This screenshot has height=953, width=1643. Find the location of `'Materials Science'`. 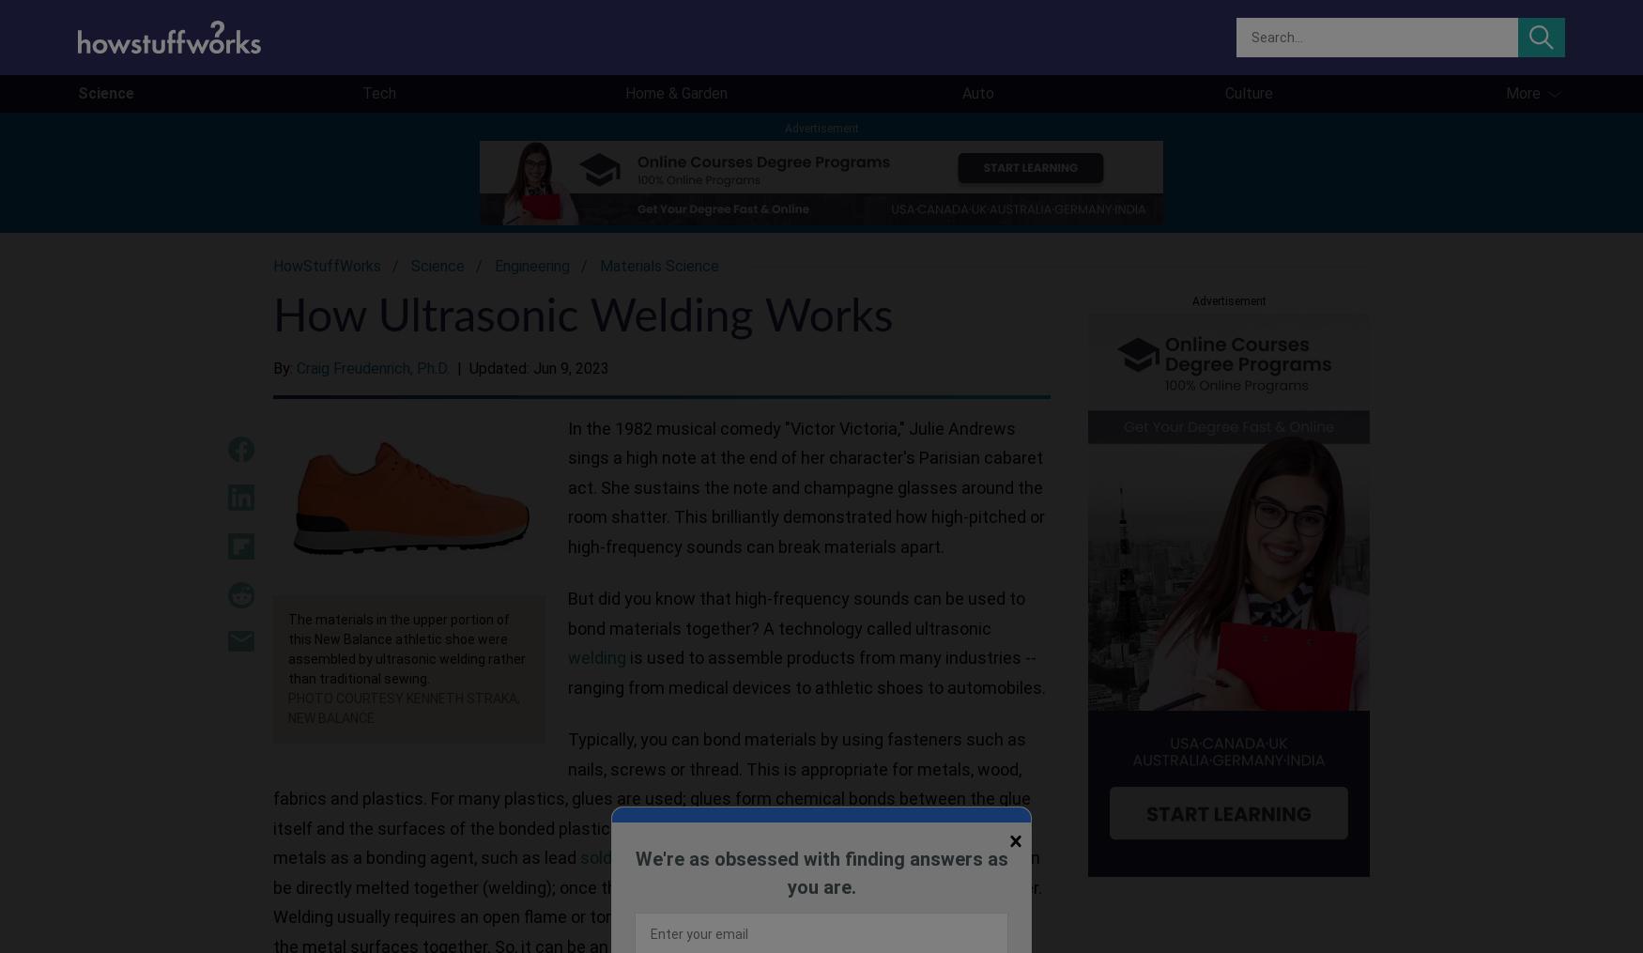

'Materials Science' is located at coordinates (659, 266).